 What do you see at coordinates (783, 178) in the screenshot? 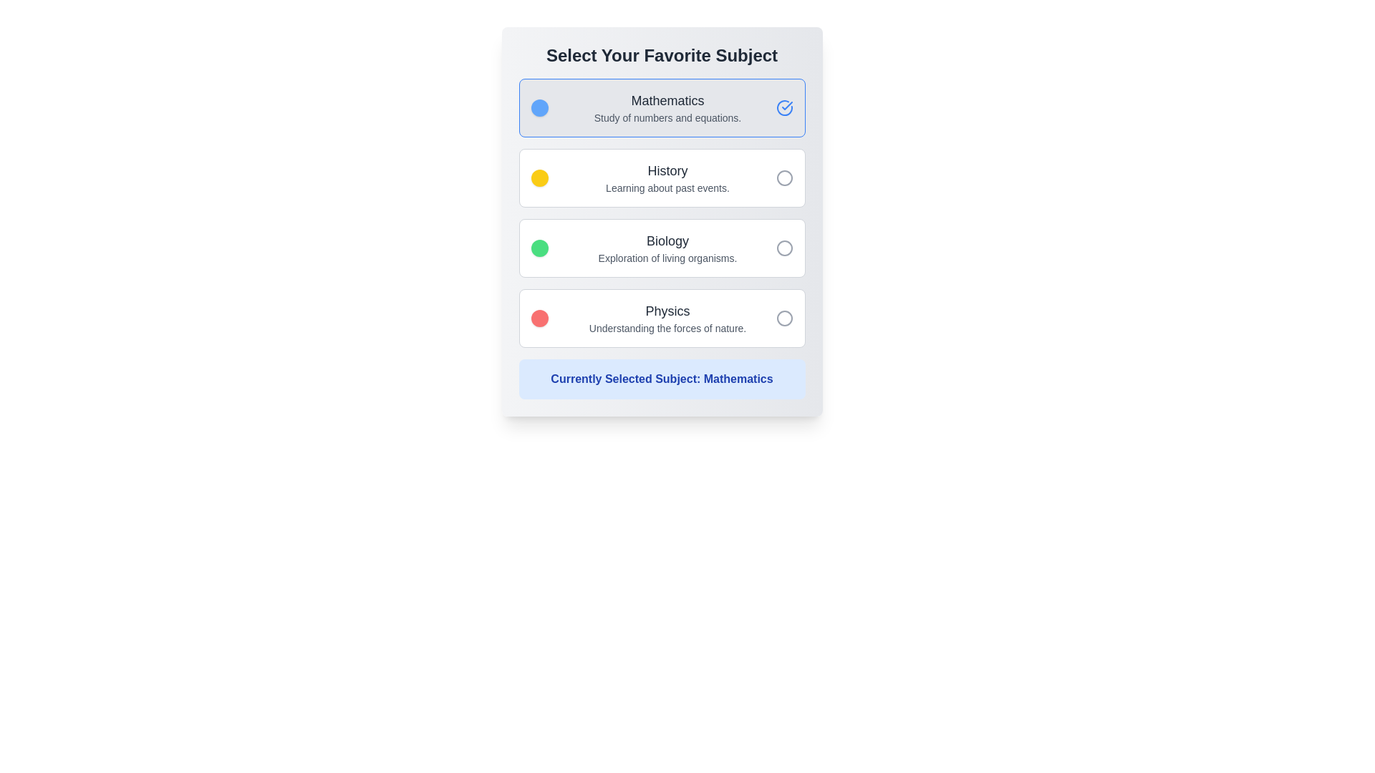
I see `the selection indicator icon associated with the 'History' option, which is the rightmost component in the second listed item of a vertically aligned group` at bounding box center [783, 178].